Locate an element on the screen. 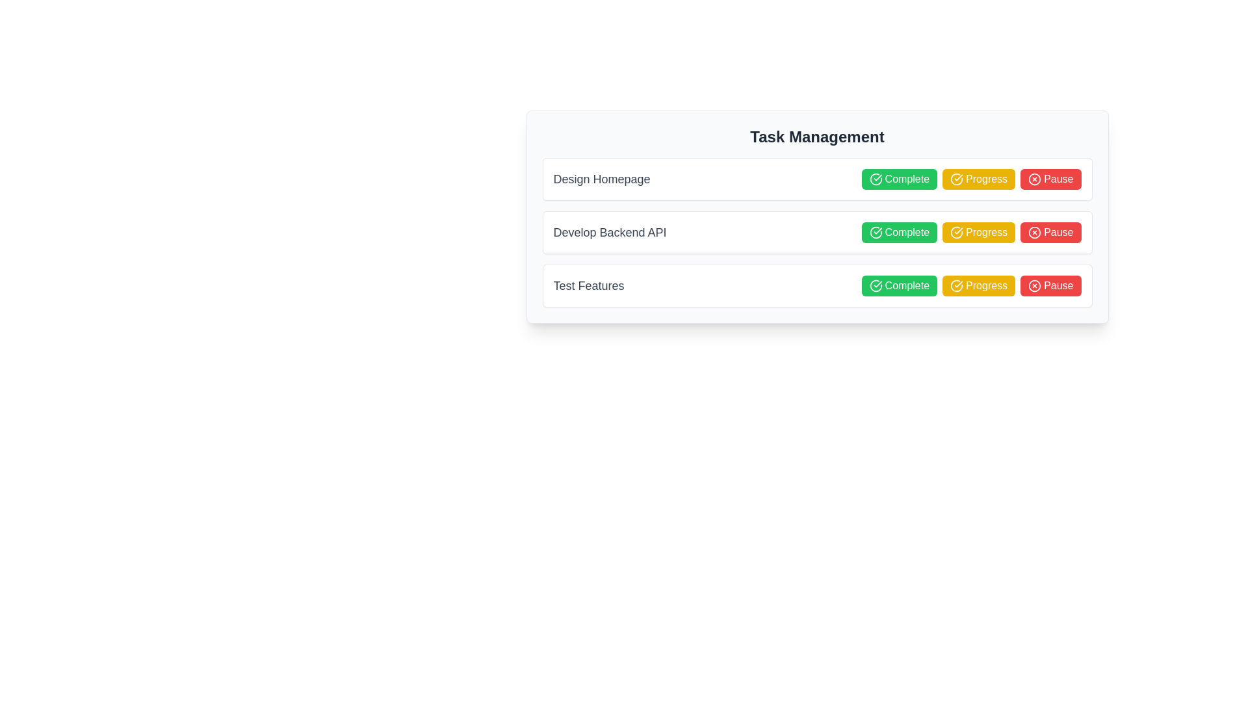  the confirmation icon located within the green 'Complete' button, to the left of the text label 'Complete', in the first row under the 'Design Homepage' task to include it in the view is located at coordinates (876, 179).